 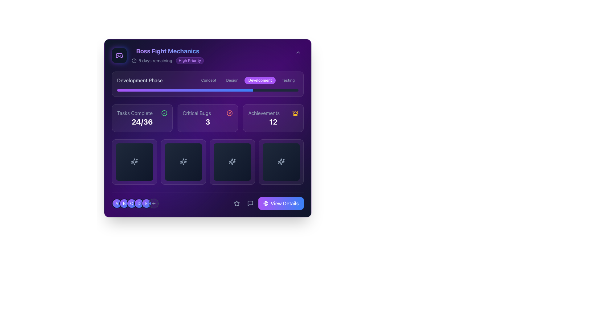 What do you see at coordinates (288, 80) in the screenshot?
I see `the rounded button labeled 'Testing' located in the top-right section of the interface` at bounding box center [288, 80].